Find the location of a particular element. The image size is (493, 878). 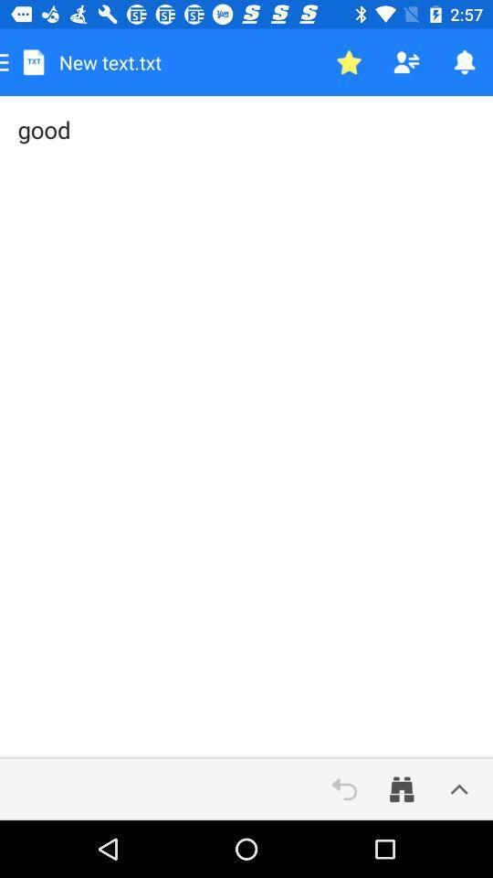

the icon at the center is located at coordinates (246, 427).